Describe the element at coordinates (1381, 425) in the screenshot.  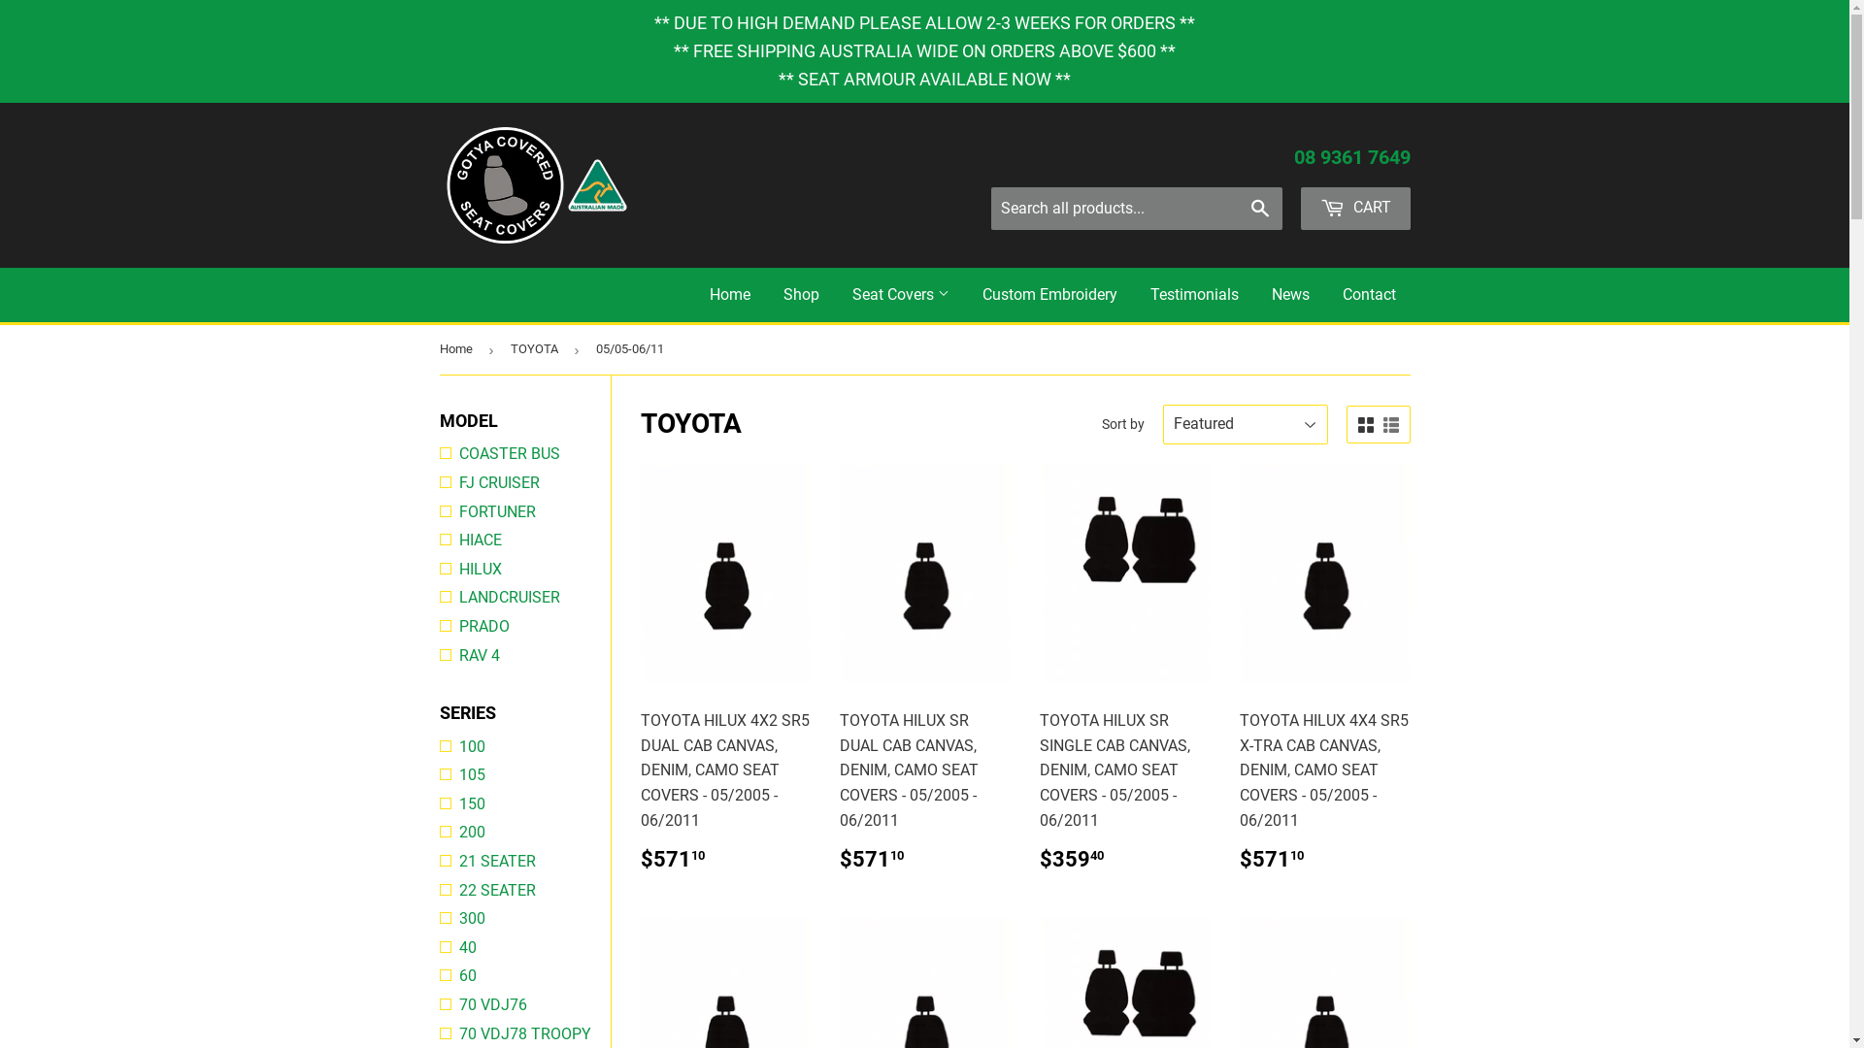
I see `'List view'` at that location.